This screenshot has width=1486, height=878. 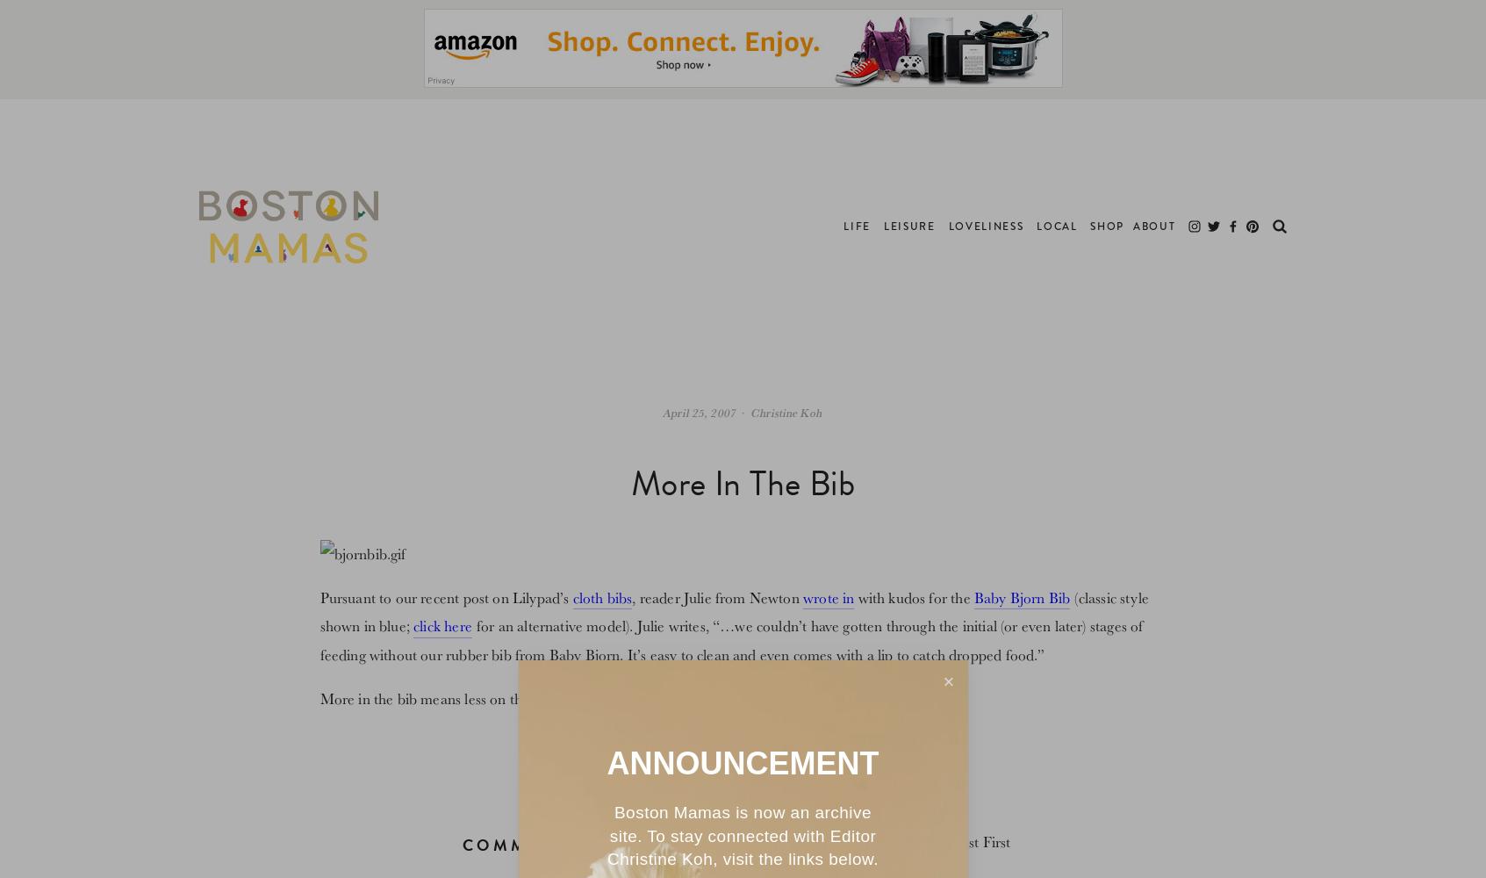 I want to click on 'Baby Bjorn Bib', so click(x=1021, y=596).